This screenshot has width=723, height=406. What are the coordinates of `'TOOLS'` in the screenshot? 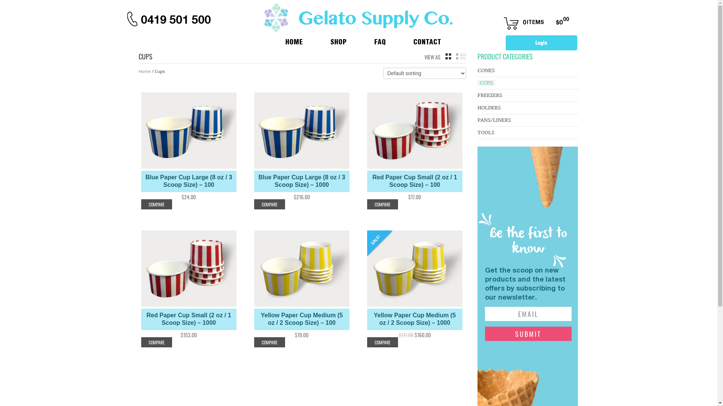 It's located at (486, 132).